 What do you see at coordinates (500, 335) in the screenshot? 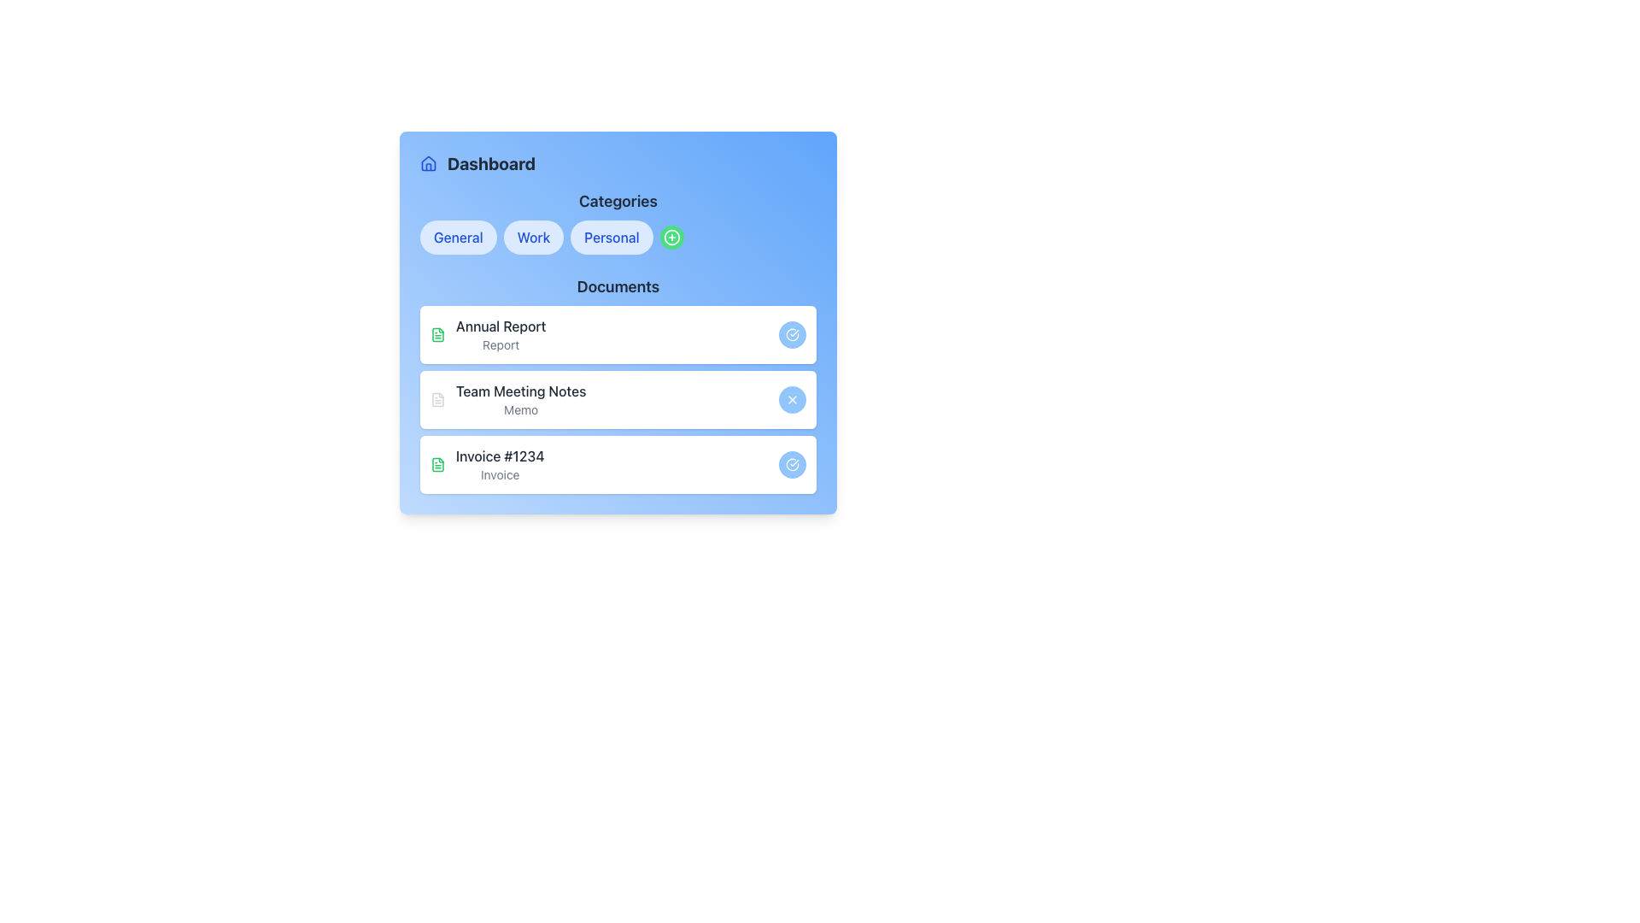
I see `the 'Annual Report' text label, which is part of the first entry in the 'Documents' section, characterized by its bold font and distinct white background with a green icon` at bounding box center [500, 335].